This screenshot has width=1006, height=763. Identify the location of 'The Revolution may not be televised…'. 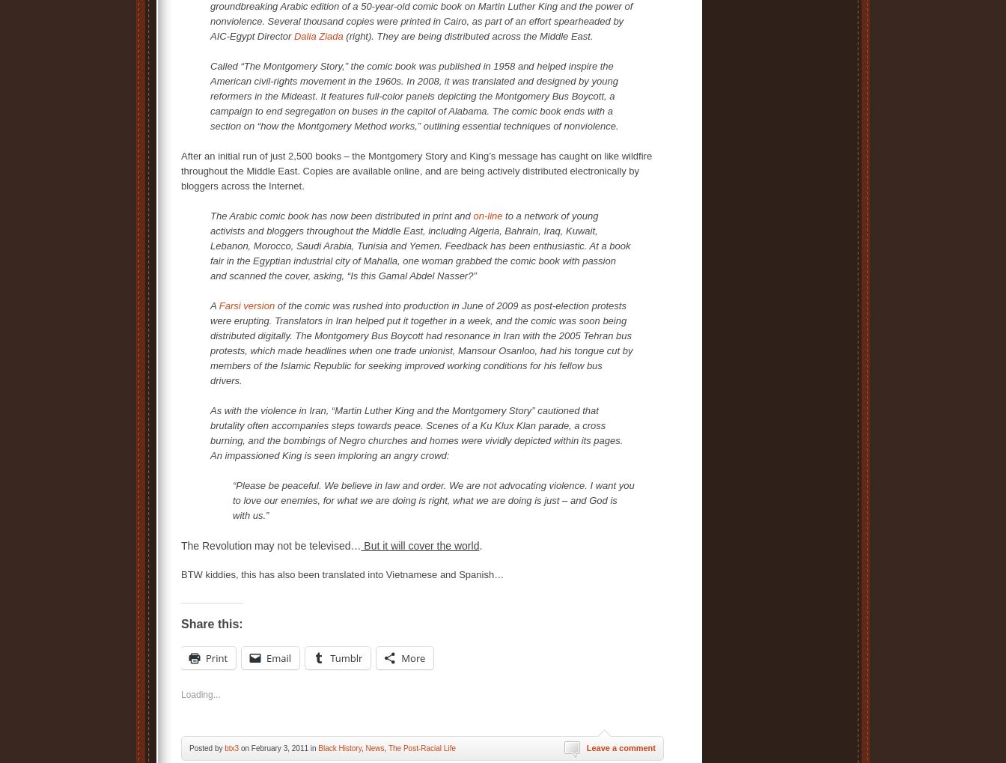
(270, 545).